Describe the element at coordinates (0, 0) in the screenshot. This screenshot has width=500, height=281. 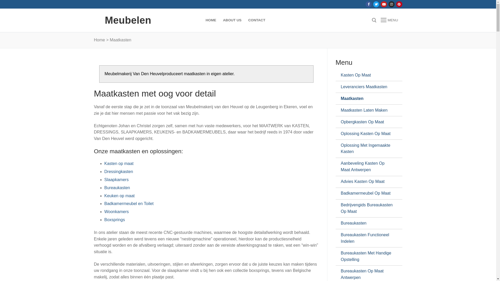
I see `'Spring naar de inhoud'` at that location.